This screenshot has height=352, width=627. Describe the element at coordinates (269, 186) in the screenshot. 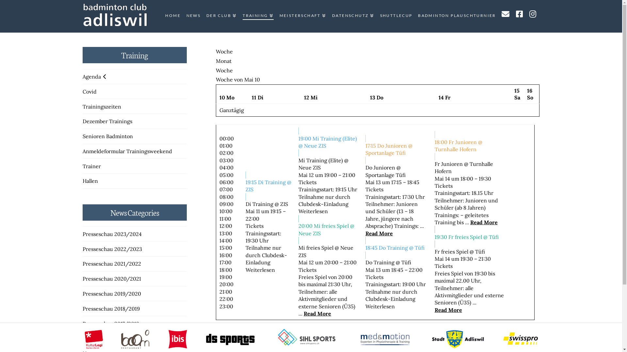

I see `'19:15 Di Training @ ZIS'` at that location.